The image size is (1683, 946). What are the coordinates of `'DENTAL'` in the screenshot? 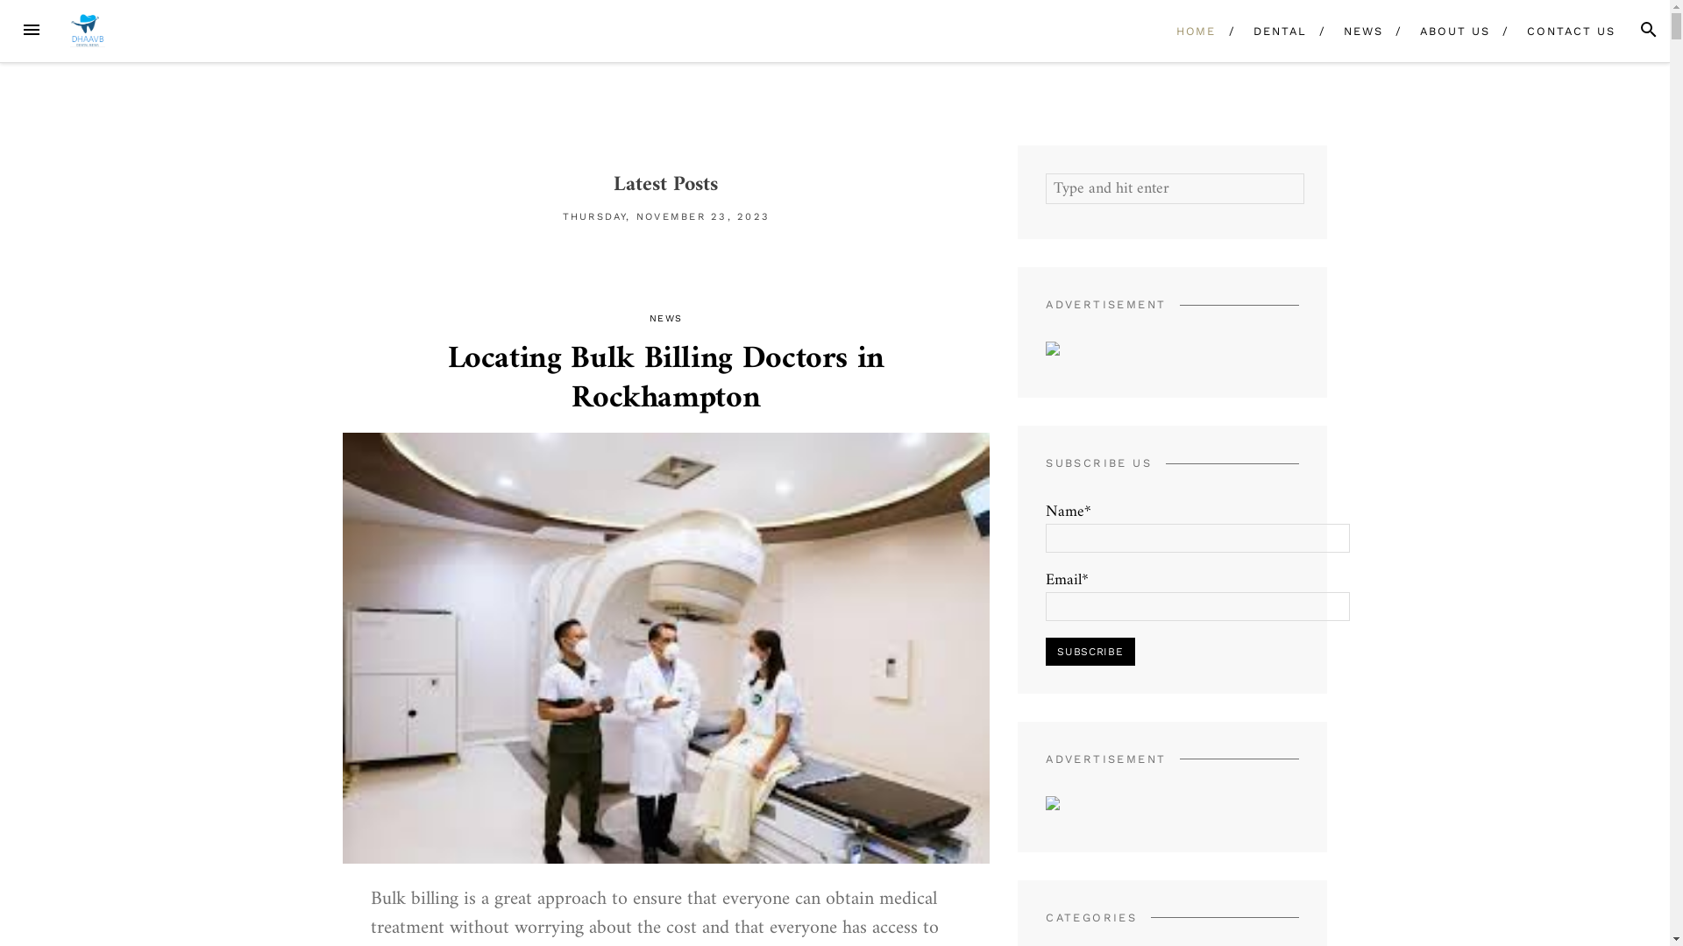 It's located at (1240, 31).